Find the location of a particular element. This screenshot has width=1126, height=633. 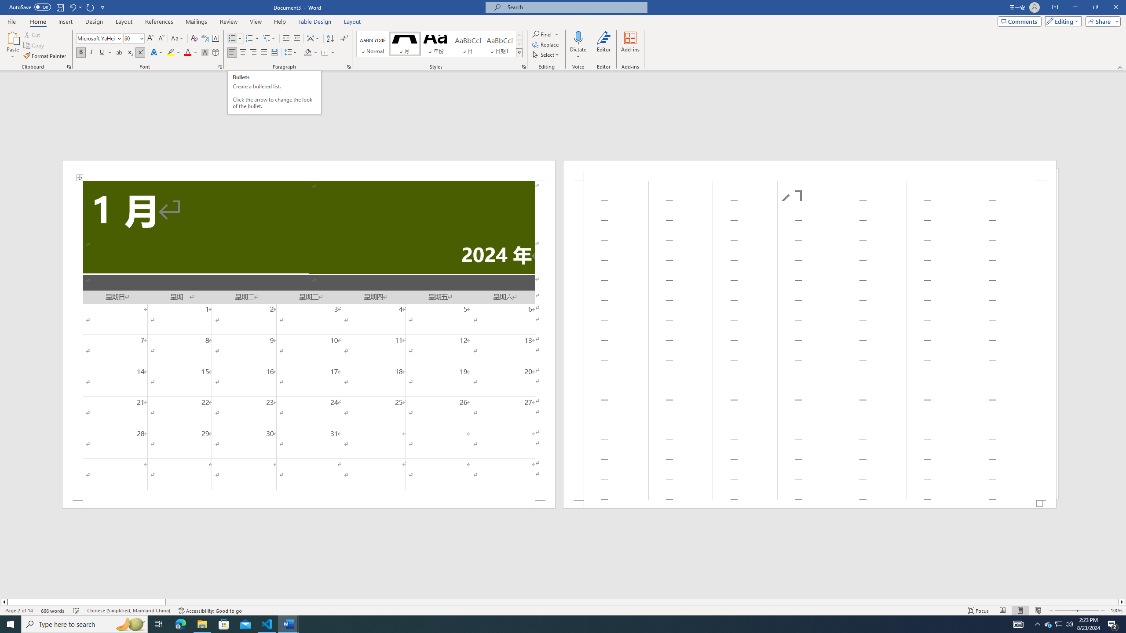

'Superscript' is located at coordinates (139, 52).